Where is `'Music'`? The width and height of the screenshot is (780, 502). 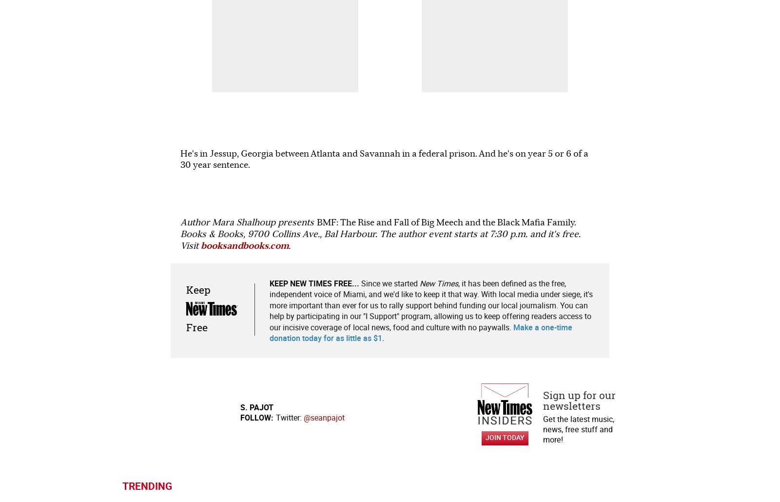
'Music' is located at coordinates (276, 371).